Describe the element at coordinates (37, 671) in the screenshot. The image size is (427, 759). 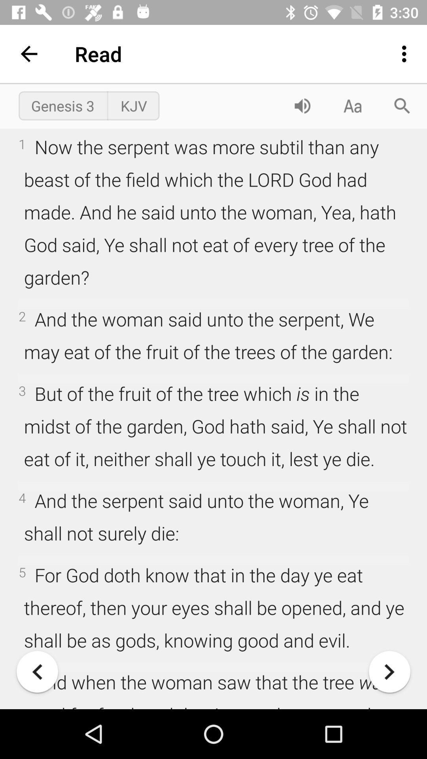
I see `go back` at that location.